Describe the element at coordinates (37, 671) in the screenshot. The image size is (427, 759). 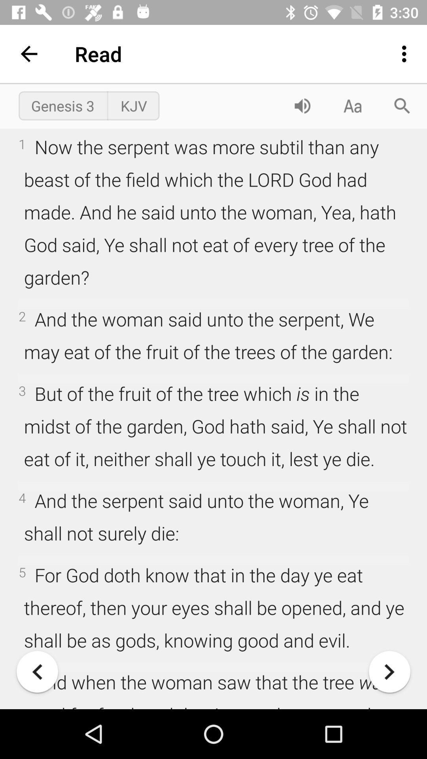
I see `go back` at that location.